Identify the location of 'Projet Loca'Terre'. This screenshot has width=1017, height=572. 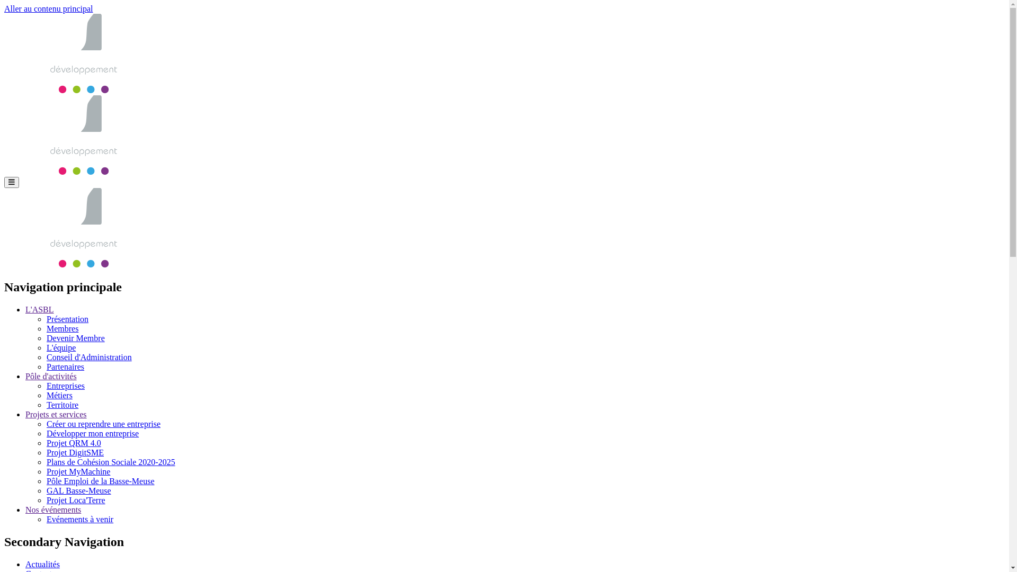
(75, 500).